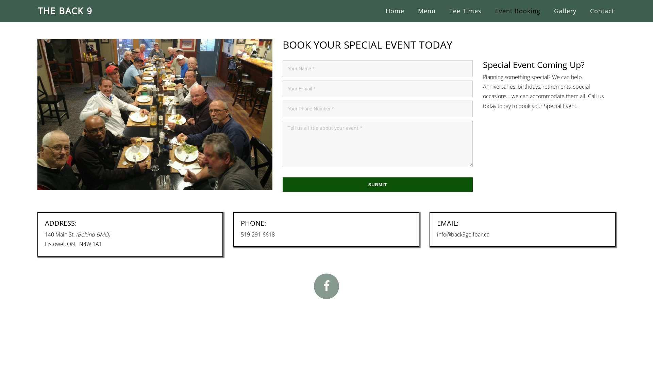 This screenshot has height=367, width=653. I want to click on 'Event Booking', so click(517, 11).